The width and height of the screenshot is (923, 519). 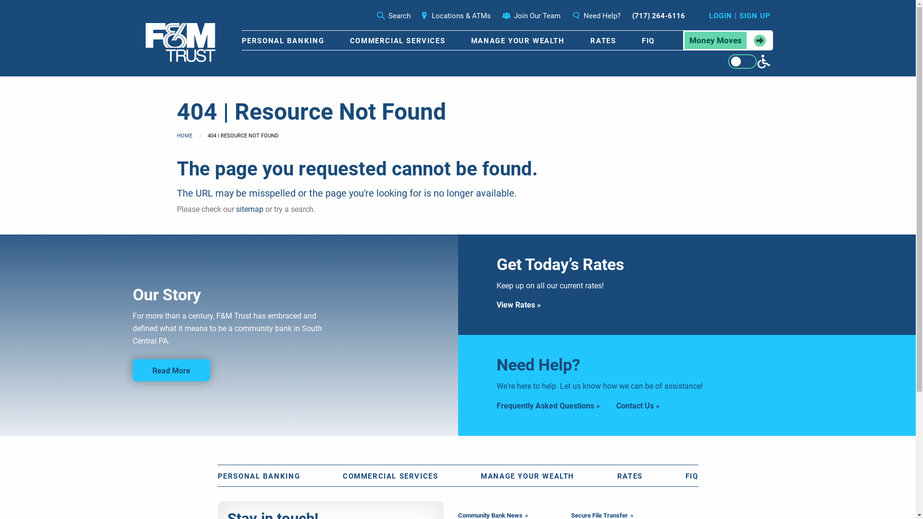 What do you see at coordinates (602, 40) in the screenshot?
I see `'RATES'` at bounding box center [602, 40].